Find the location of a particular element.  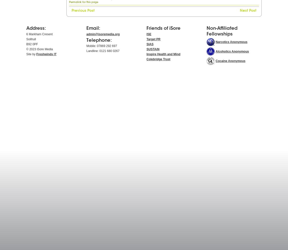

'Narcotics Anonymous' is located at coordinates (231, 42).